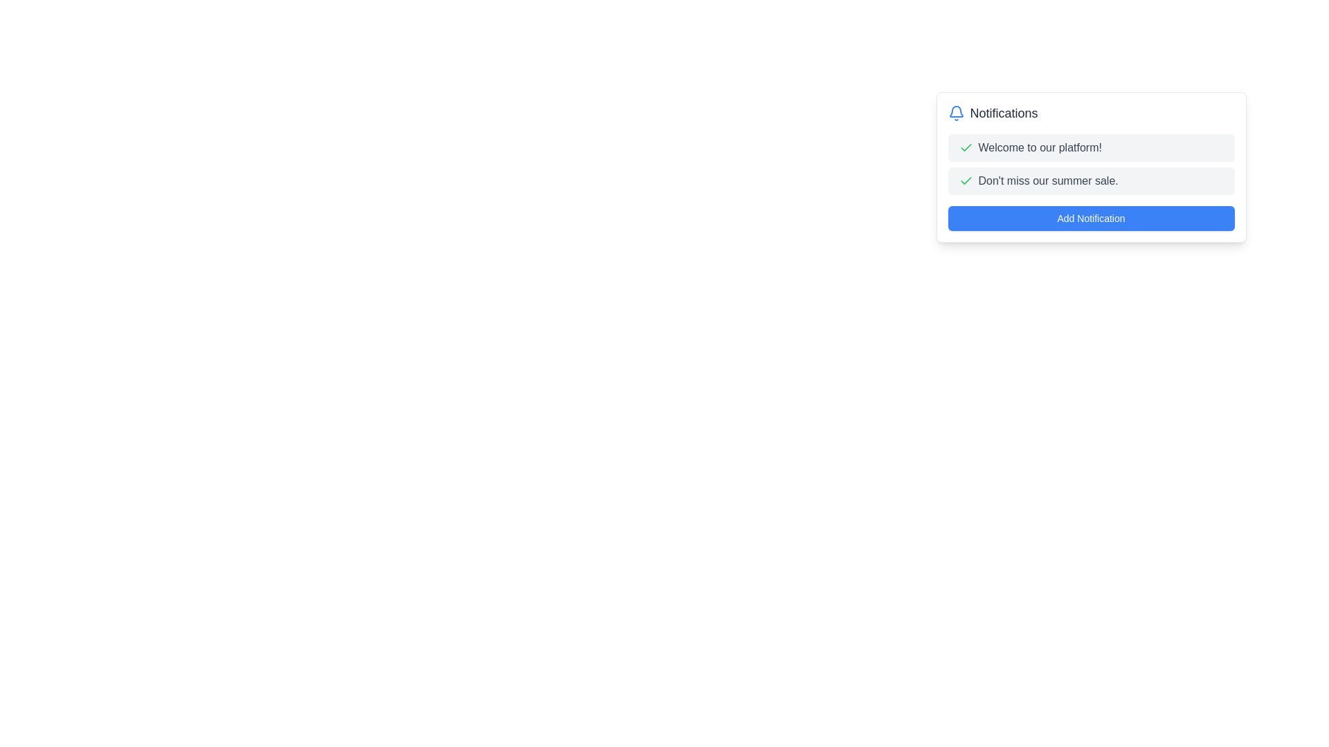  What do you see at coordinates (1040, 147) in the screenshot?
I see `the welcoming text label located at the center-right of the notification card` at bounding box center [1040, 147].